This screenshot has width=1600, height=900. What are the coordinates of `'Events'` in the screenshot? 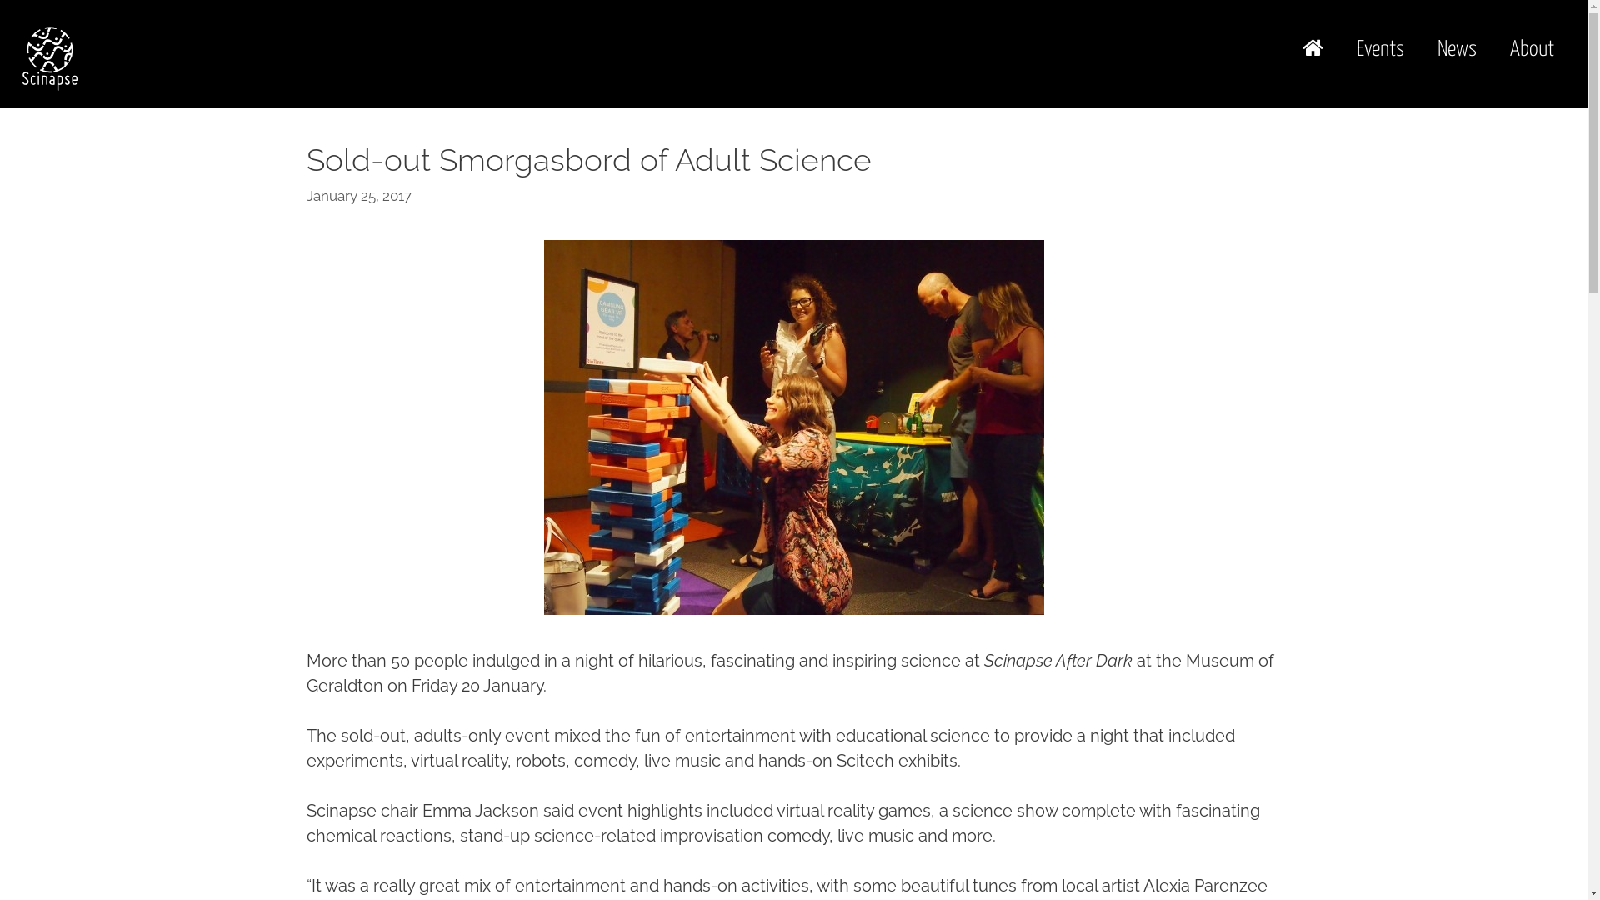 It's located at (1380, 49).